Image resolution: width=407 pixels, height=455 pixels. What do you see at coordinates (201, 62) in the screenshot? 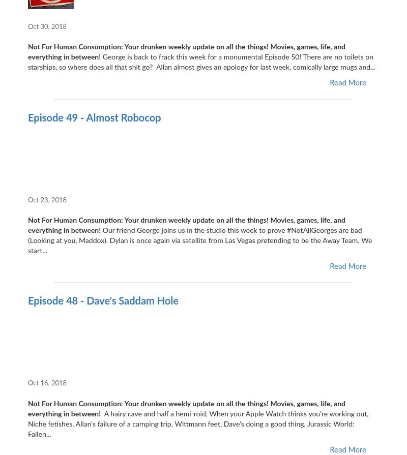
I see `'George is back to frack this week for a
monumental Episode 50! There are no toilets on starships, so where
does all that shit go?  Allan almost gives an apology for last
week, comically large mugs and...'` at bounding box center [201, 62].